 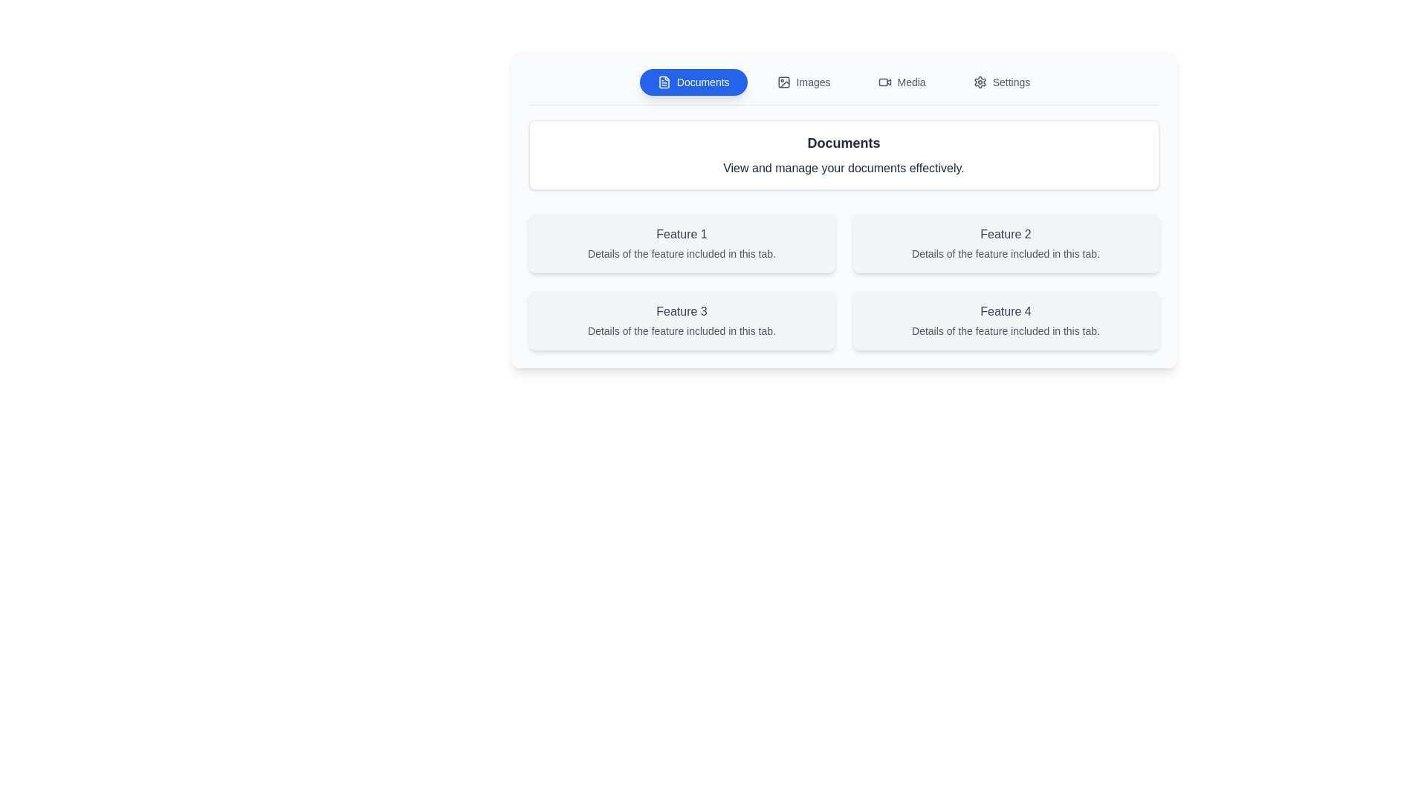 I want to click on the static text label 'Feature 3' which is styled in bold on a light gray background, located in the lower-left quadrant of a card in a 2x2 grid layout, so click(x=681, y=311).